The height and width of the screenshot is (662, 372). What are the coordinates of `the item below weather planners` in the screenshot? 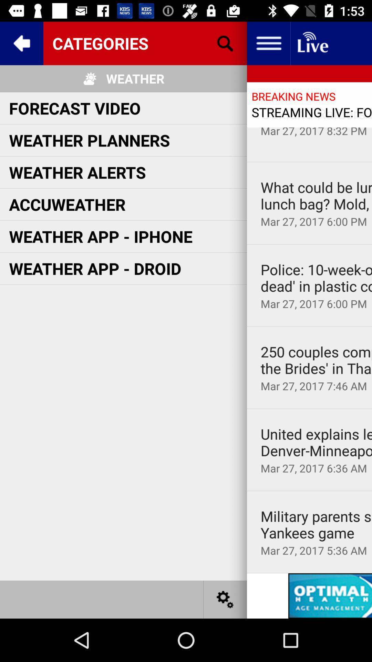 It's located at (77, 172).